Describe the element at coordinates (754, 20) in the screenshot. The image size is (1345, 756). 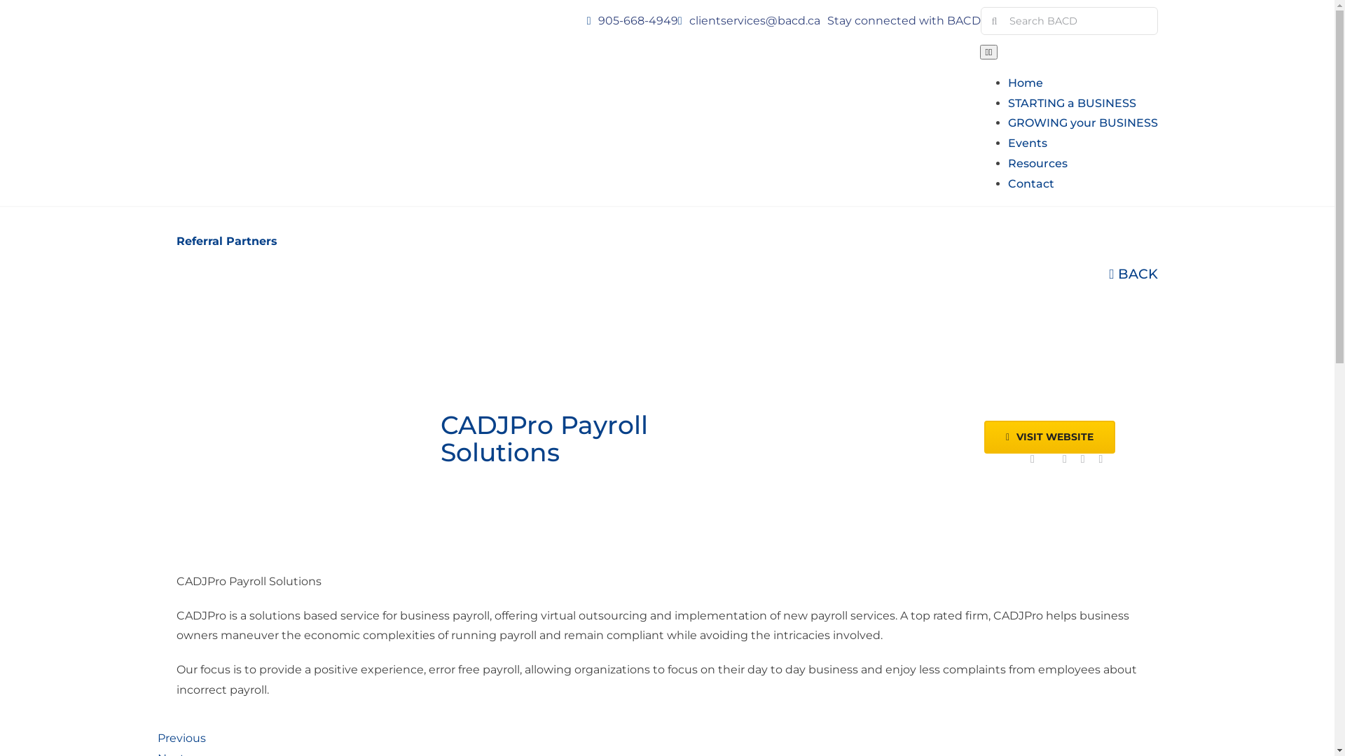
I see `'clientservices@bacd.ca'` at that location.